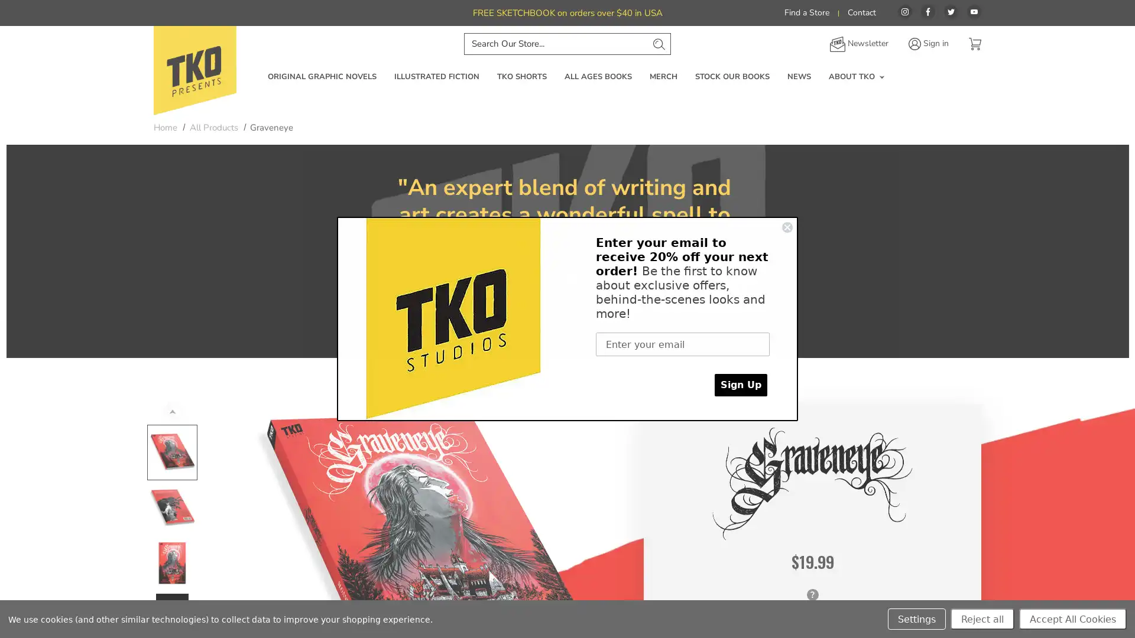 This screenshot has width=1135, height=638. Describe the element at coordinates (916, 619) in the screenshot. I see `Settings` at that location.